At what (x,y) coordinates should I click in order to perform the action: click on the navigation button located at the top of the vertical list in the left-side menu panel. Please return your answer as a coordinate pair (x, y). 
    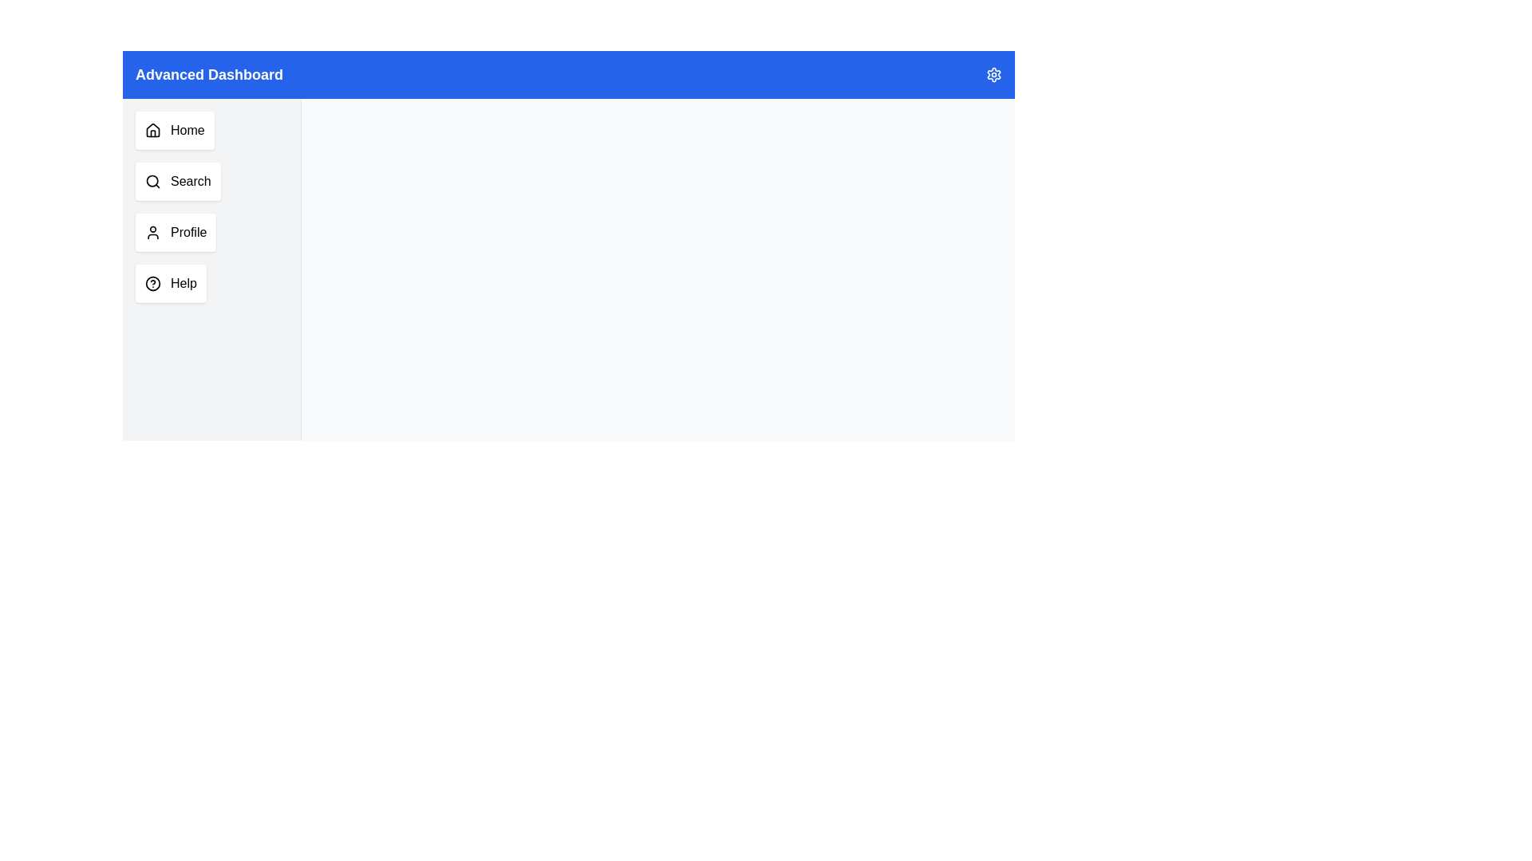
    Looking at the image, I should click on (175, 130).